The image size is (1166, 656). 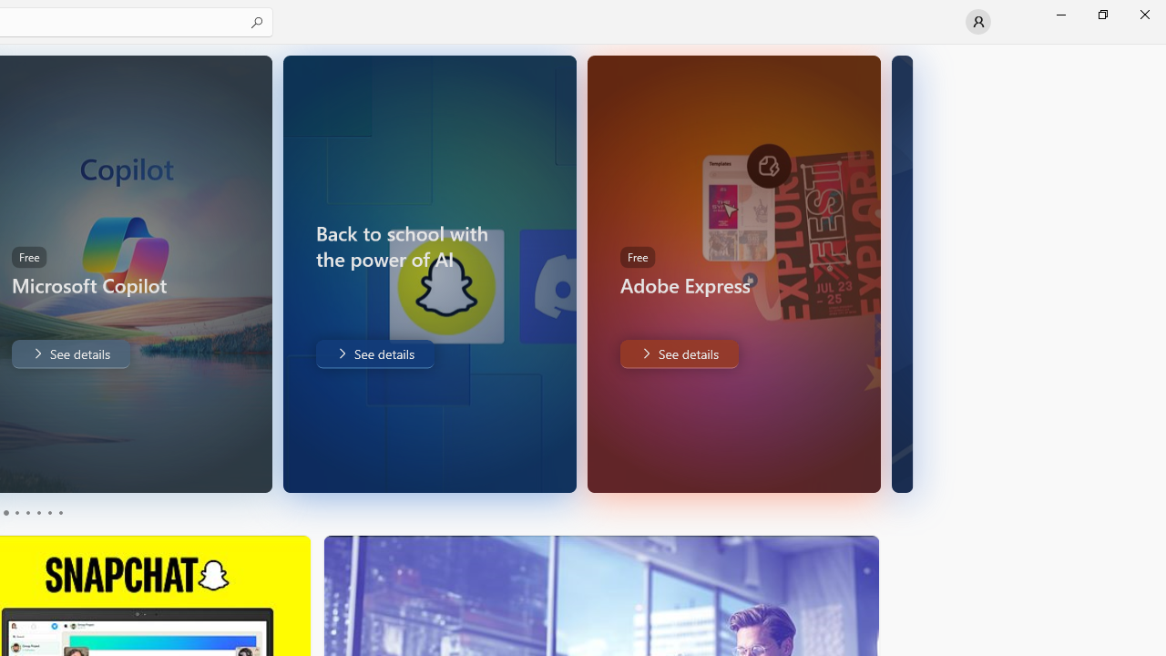 What do you see at coordinates (32, 513) in the screenshot?
I see `'Pager'` at bounding box center [32, 513].